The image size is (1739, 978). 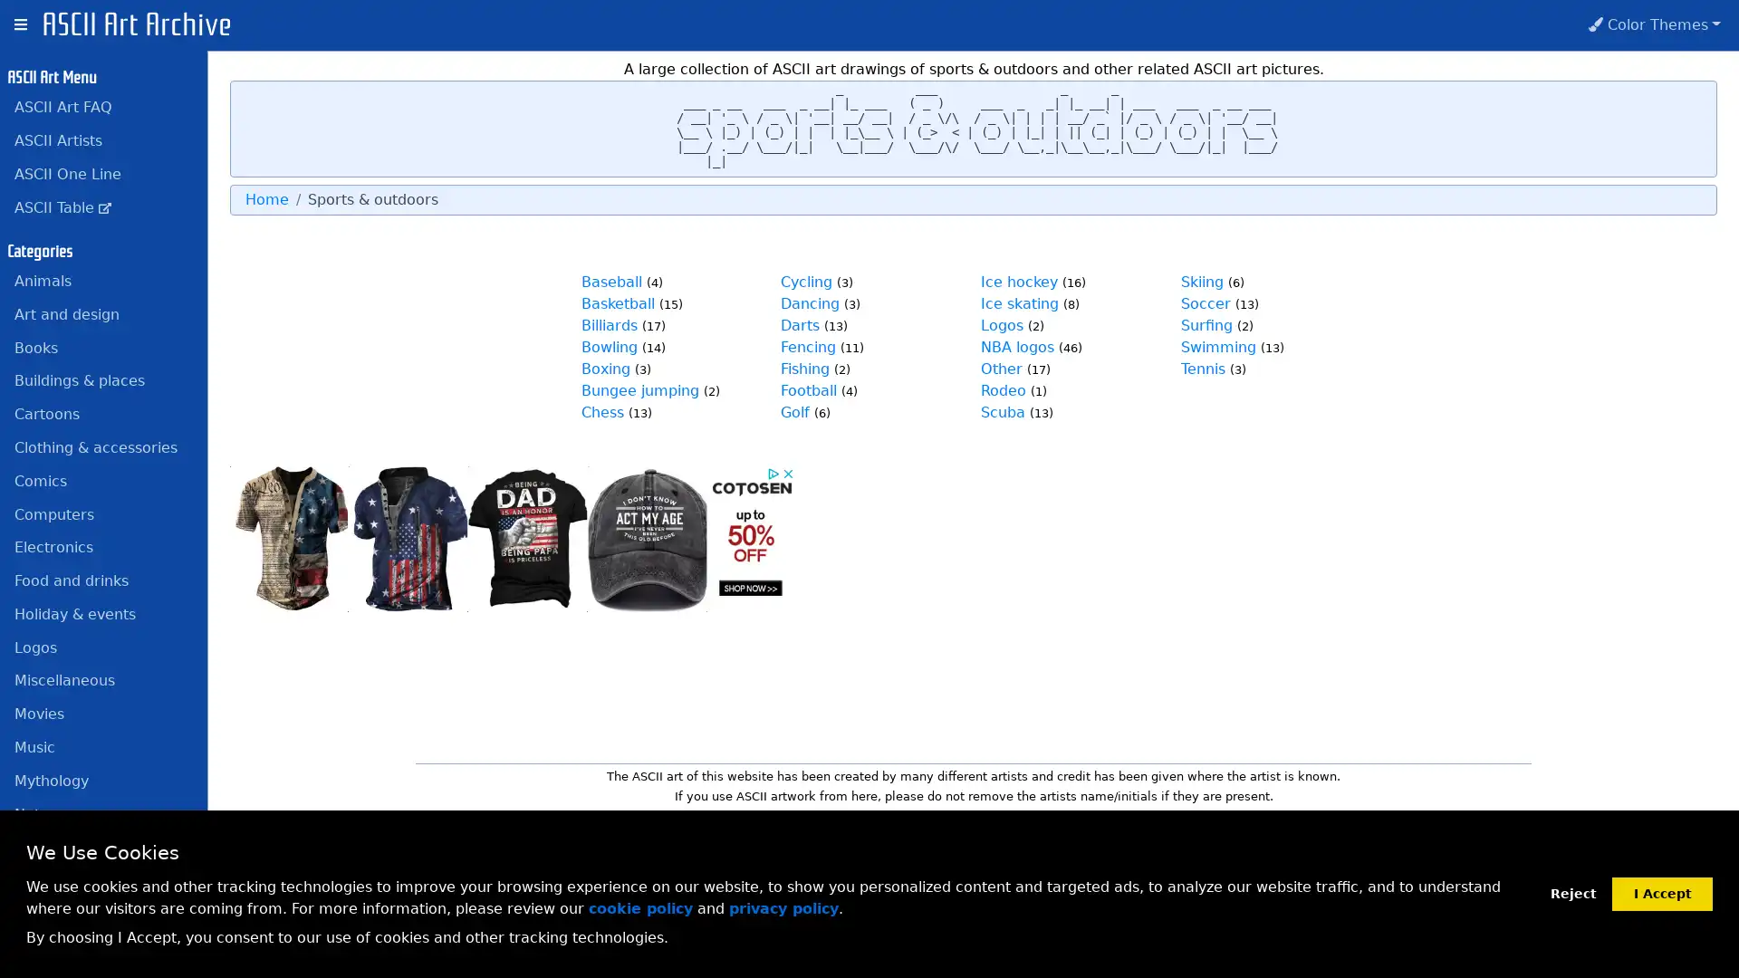 What do you see at coordinates (1662, 892) in the screenshot?
I see `I Accept` at bounding box center [1662, 892].